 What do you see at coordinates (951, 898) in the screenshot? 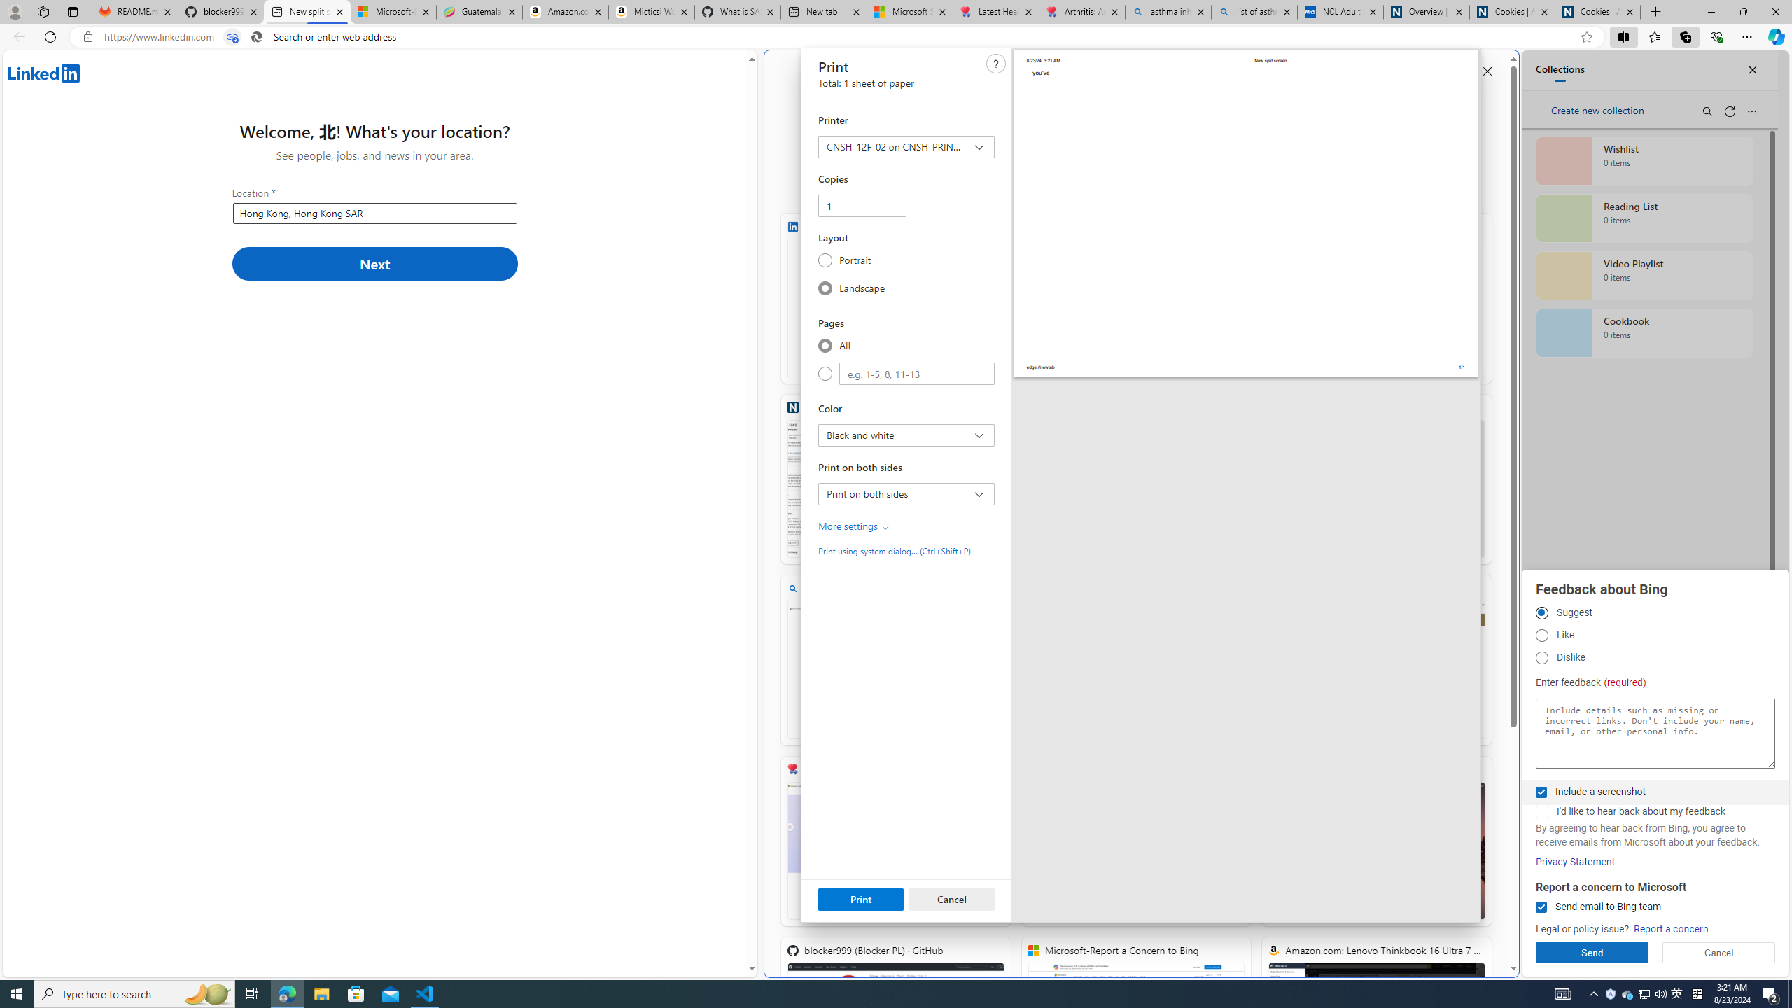
I see `'Cancel'` at bounding box center [951, 898].